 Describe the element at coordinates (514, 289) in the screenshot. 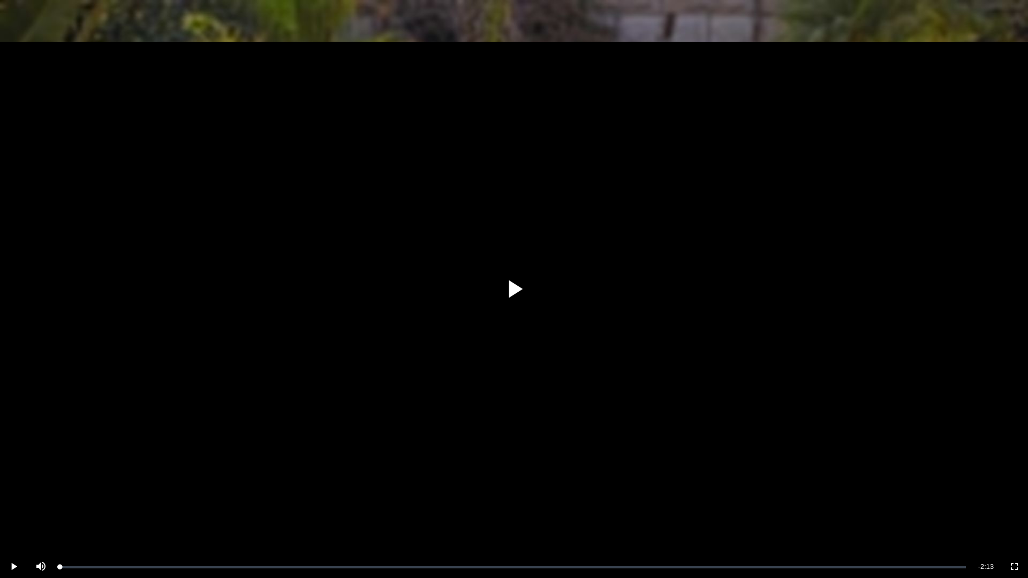

I see `'Play Video'` at that location.